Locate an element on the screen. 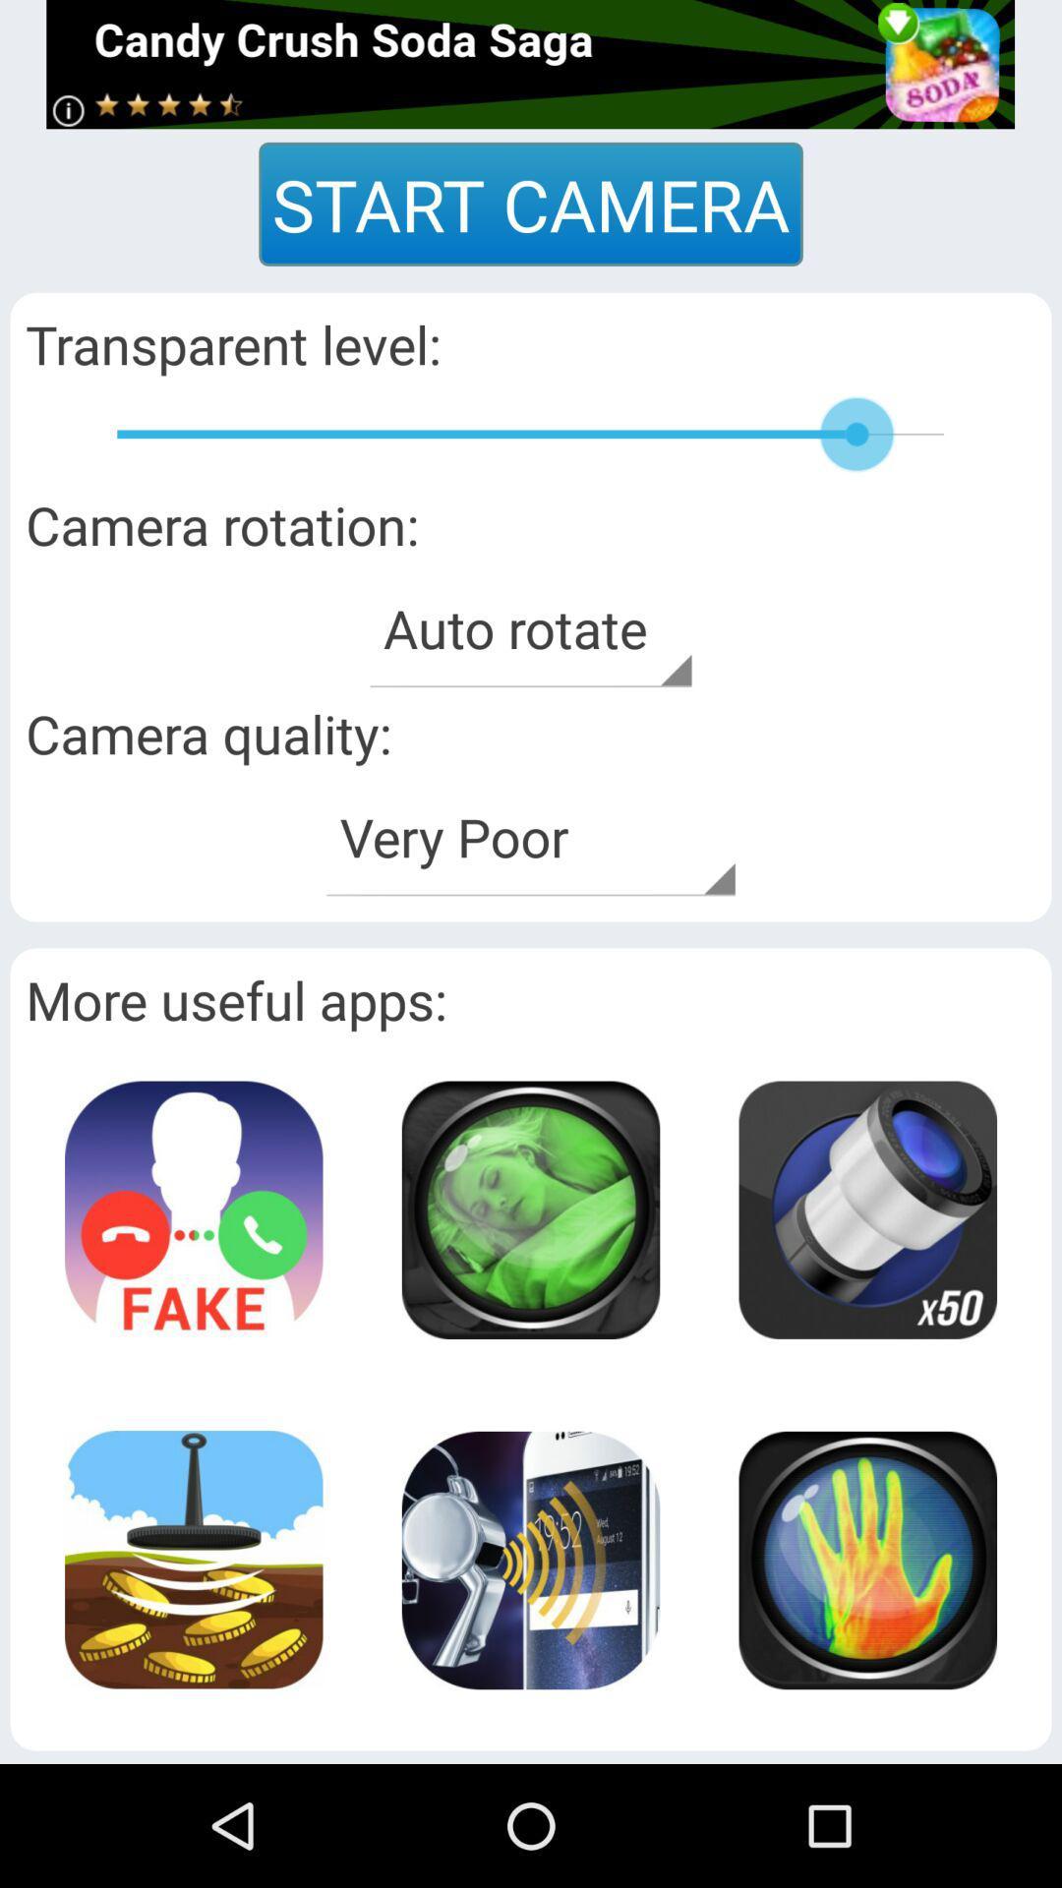 This screenshot has height=1888, width=1062. advertisement area is located at coordinates (866, 1559).